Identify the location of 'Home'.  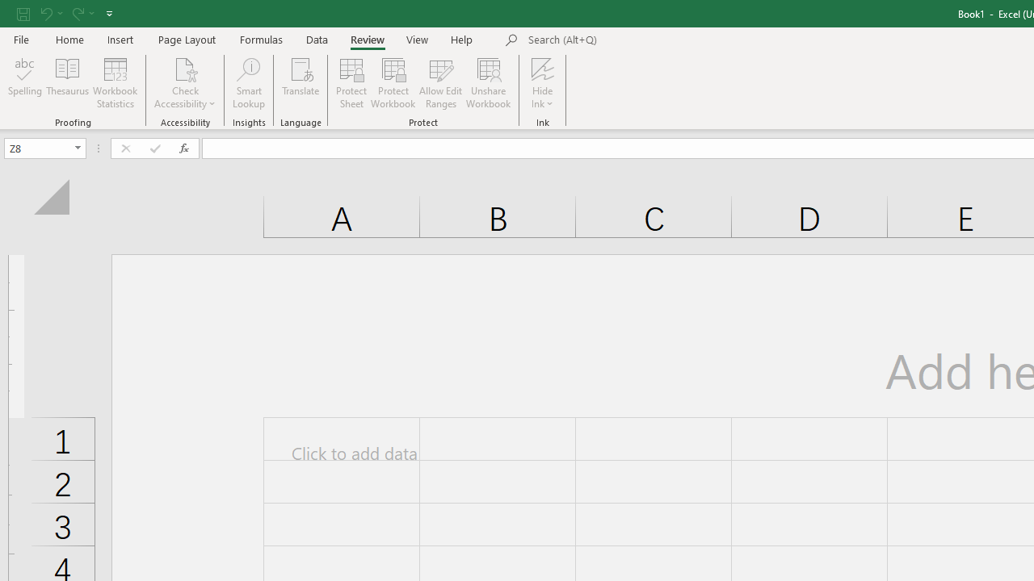
(69, 39).